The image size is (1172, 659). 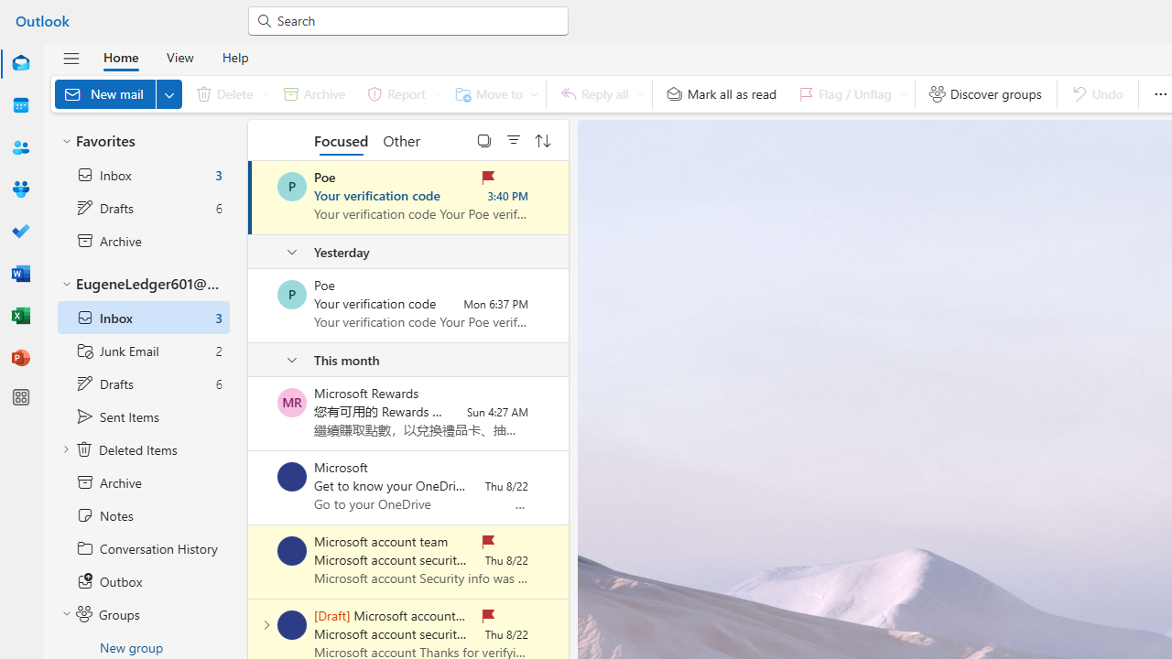 I want to click on 'Discover groups', so click(x=984, y=93).